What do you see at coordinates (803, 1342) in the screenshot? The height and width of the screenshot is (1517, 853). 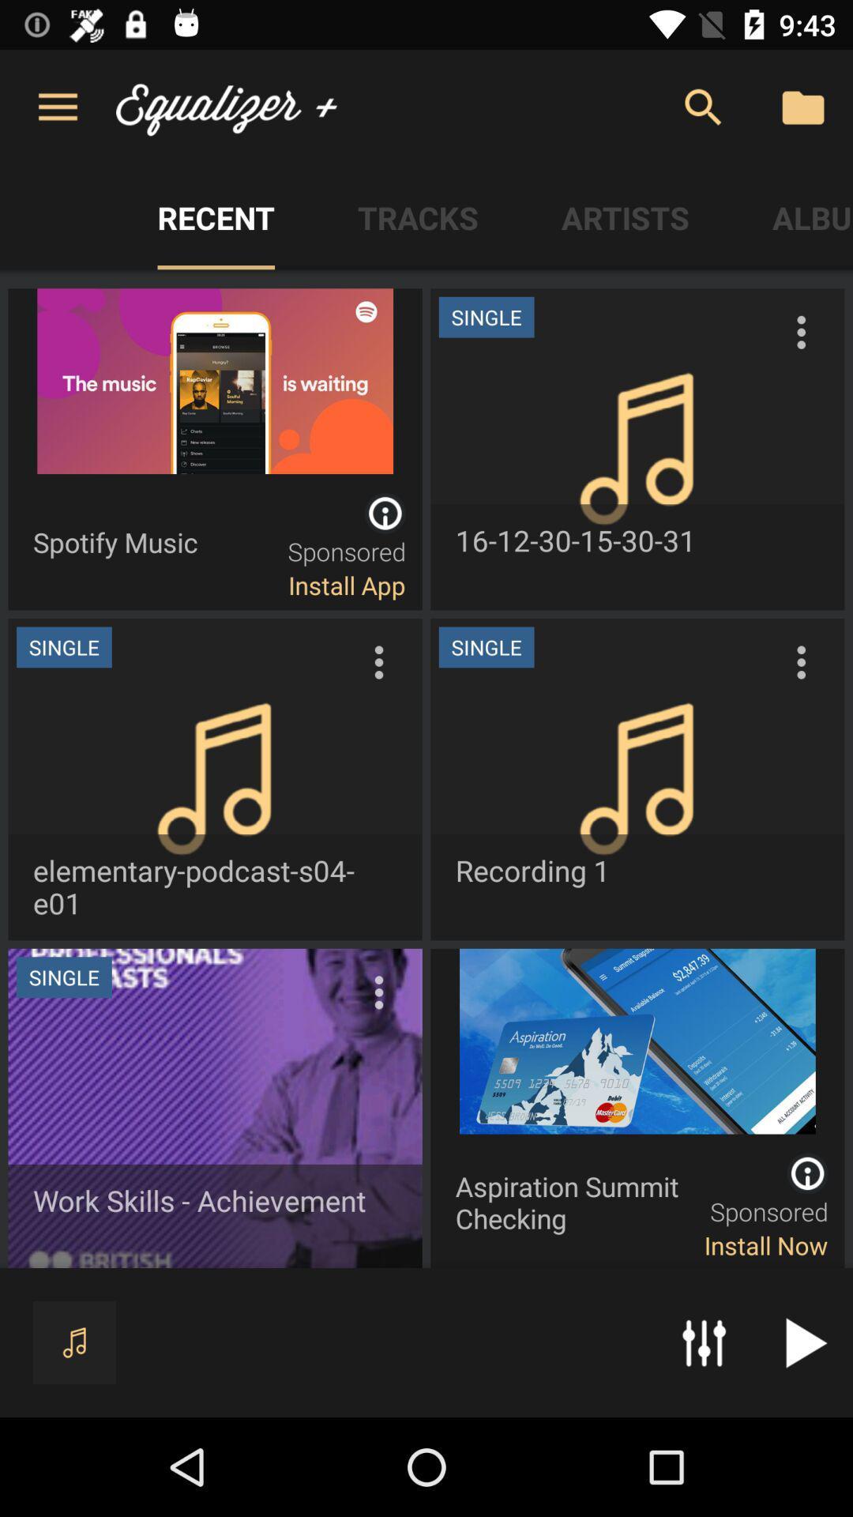 I see `the play icon` at bounding box center [803, 1342].